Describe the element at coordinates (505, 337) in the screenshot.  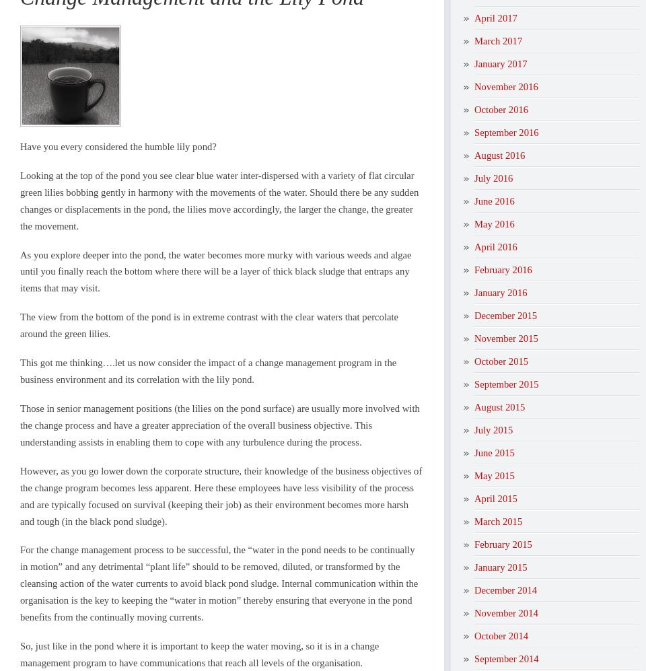
I see `'November 2015'` at that location.